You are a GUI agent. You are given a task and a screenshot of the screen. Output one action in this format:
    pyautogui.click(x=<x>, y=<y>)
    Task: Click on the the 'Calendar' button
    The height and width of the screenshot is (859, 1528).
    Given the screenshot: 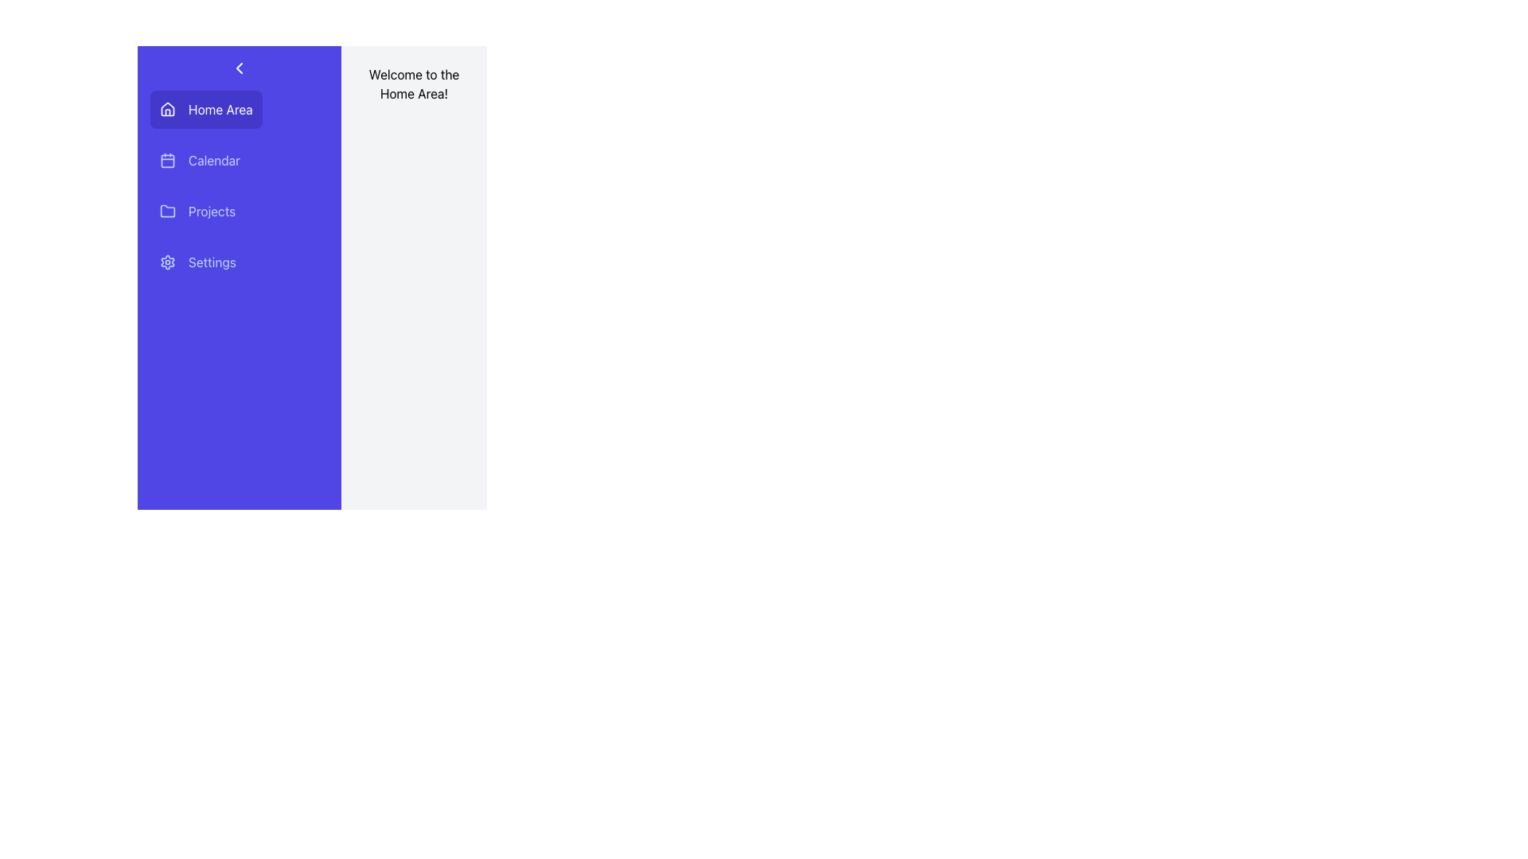 What is the action you would take?
    pyautogui.click(x=199, y=160)
    